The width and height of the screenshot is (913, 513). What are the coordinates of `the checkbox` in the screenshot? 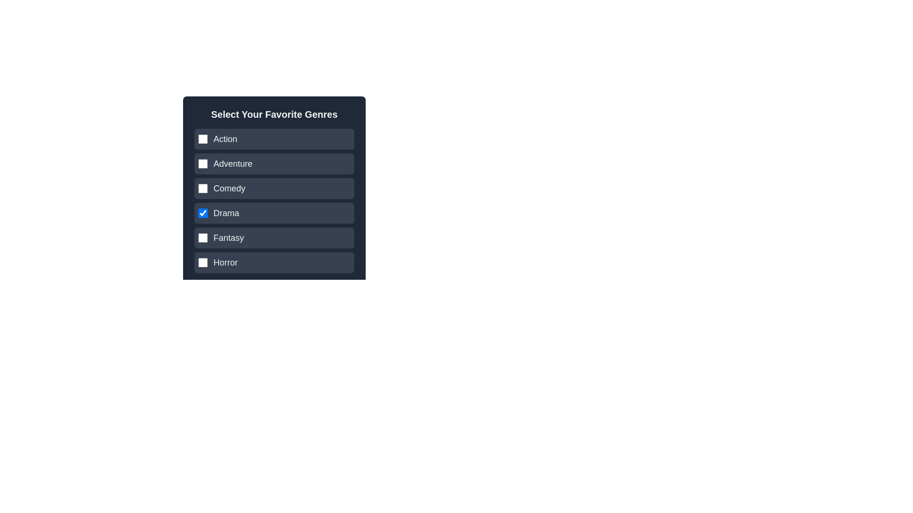 It's located at (273, 262).